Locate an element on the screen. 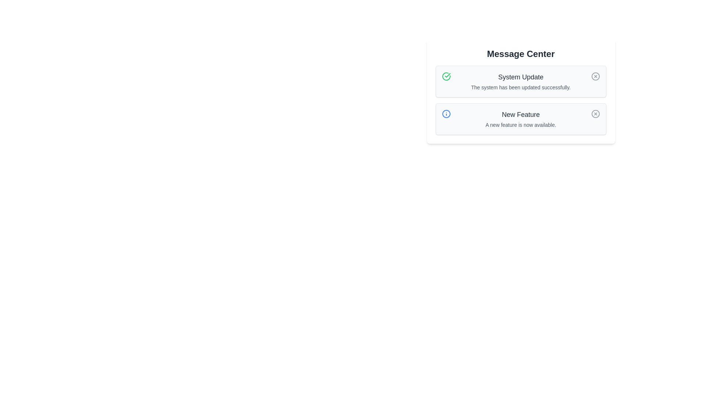 The height and width of the screenshot is (397, 706). the 'System Update' notification component, which contains a bold heading and a subtext, centrally aligned within a grey background box, positioned below a green checkmark icon and to the left of a grey dismiss button is located at coordinates (520, 82).